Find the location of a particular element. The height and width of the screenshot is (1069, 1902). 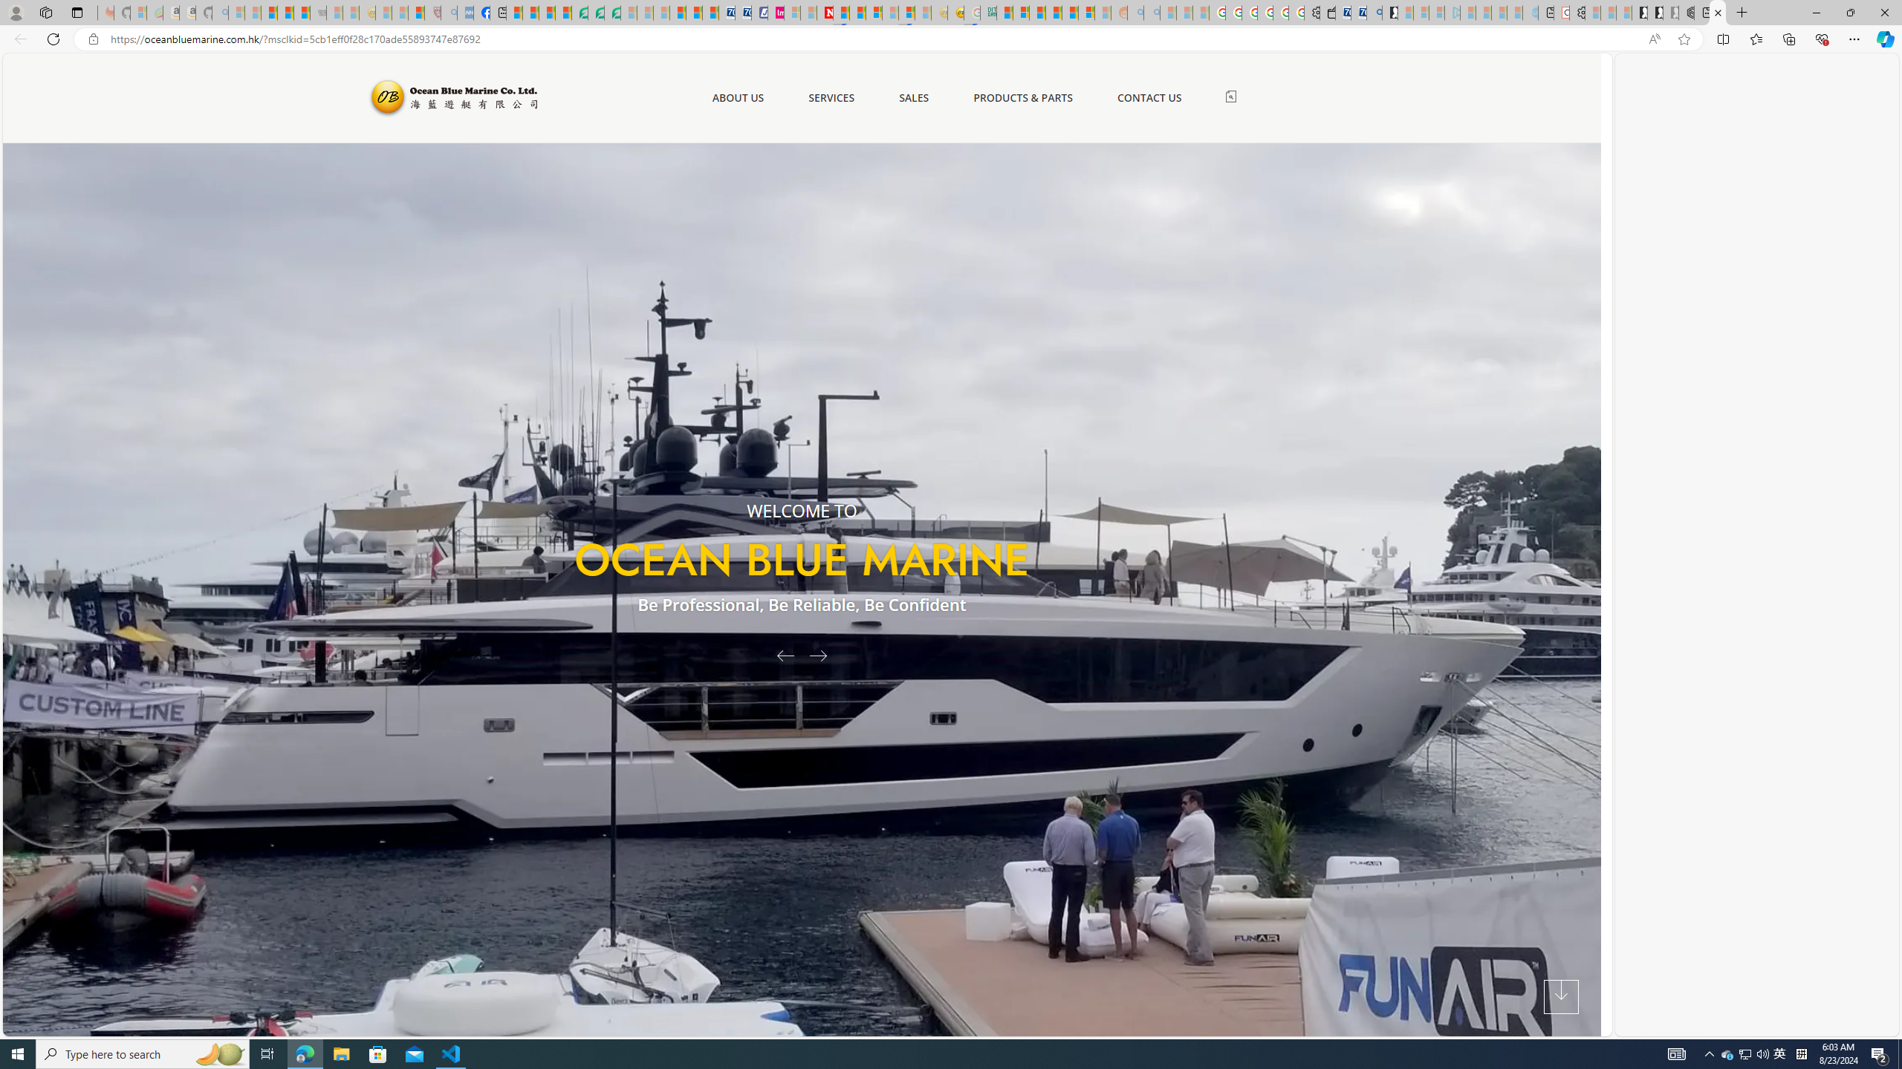

'Next Slide' is located at coordinates (823, 654).